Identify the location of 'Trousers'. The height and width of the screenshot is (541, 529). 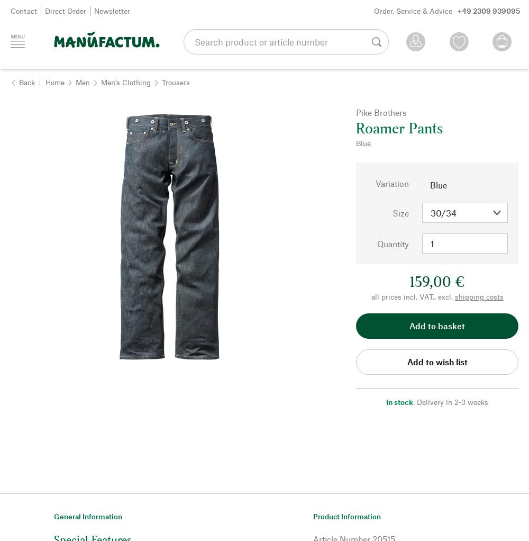
(175, 81).